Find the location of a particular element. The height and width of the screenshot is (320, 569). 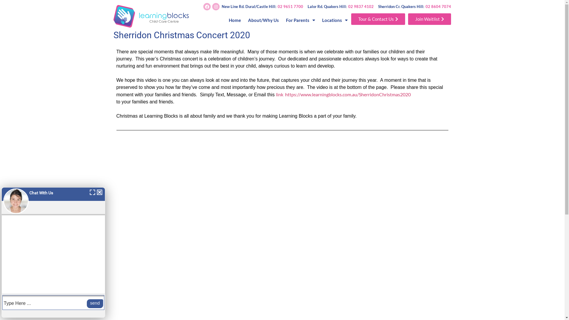

'Join Waitlist' is located at coordinates (429, 19).